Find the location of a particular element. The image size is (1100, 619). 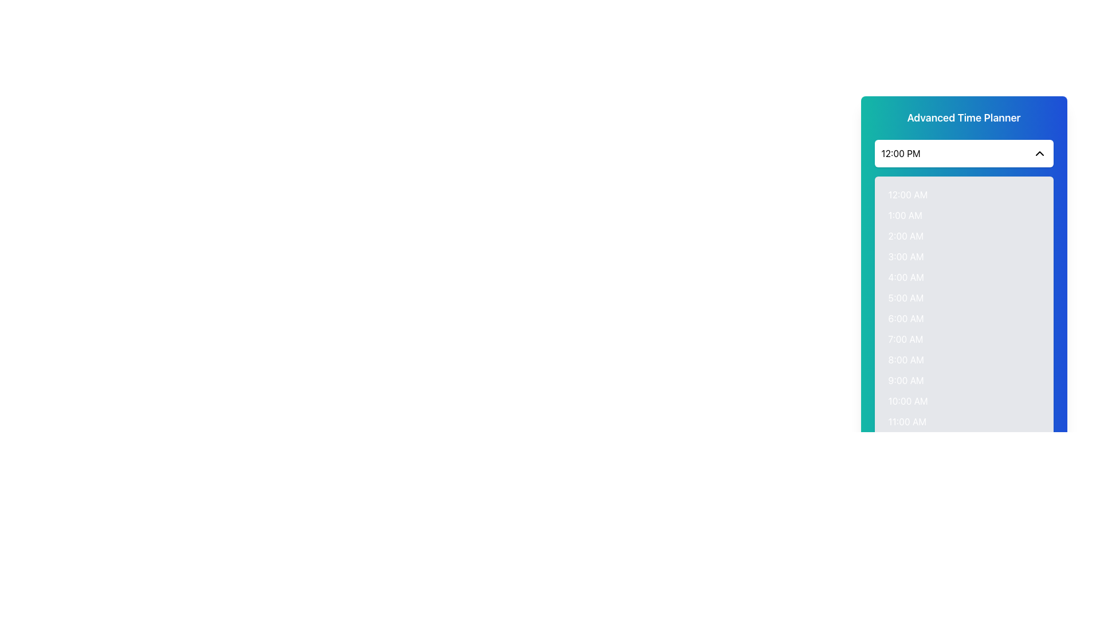

the rectangular button labeled '8:00 AM' is located at coordinates (963, 359).